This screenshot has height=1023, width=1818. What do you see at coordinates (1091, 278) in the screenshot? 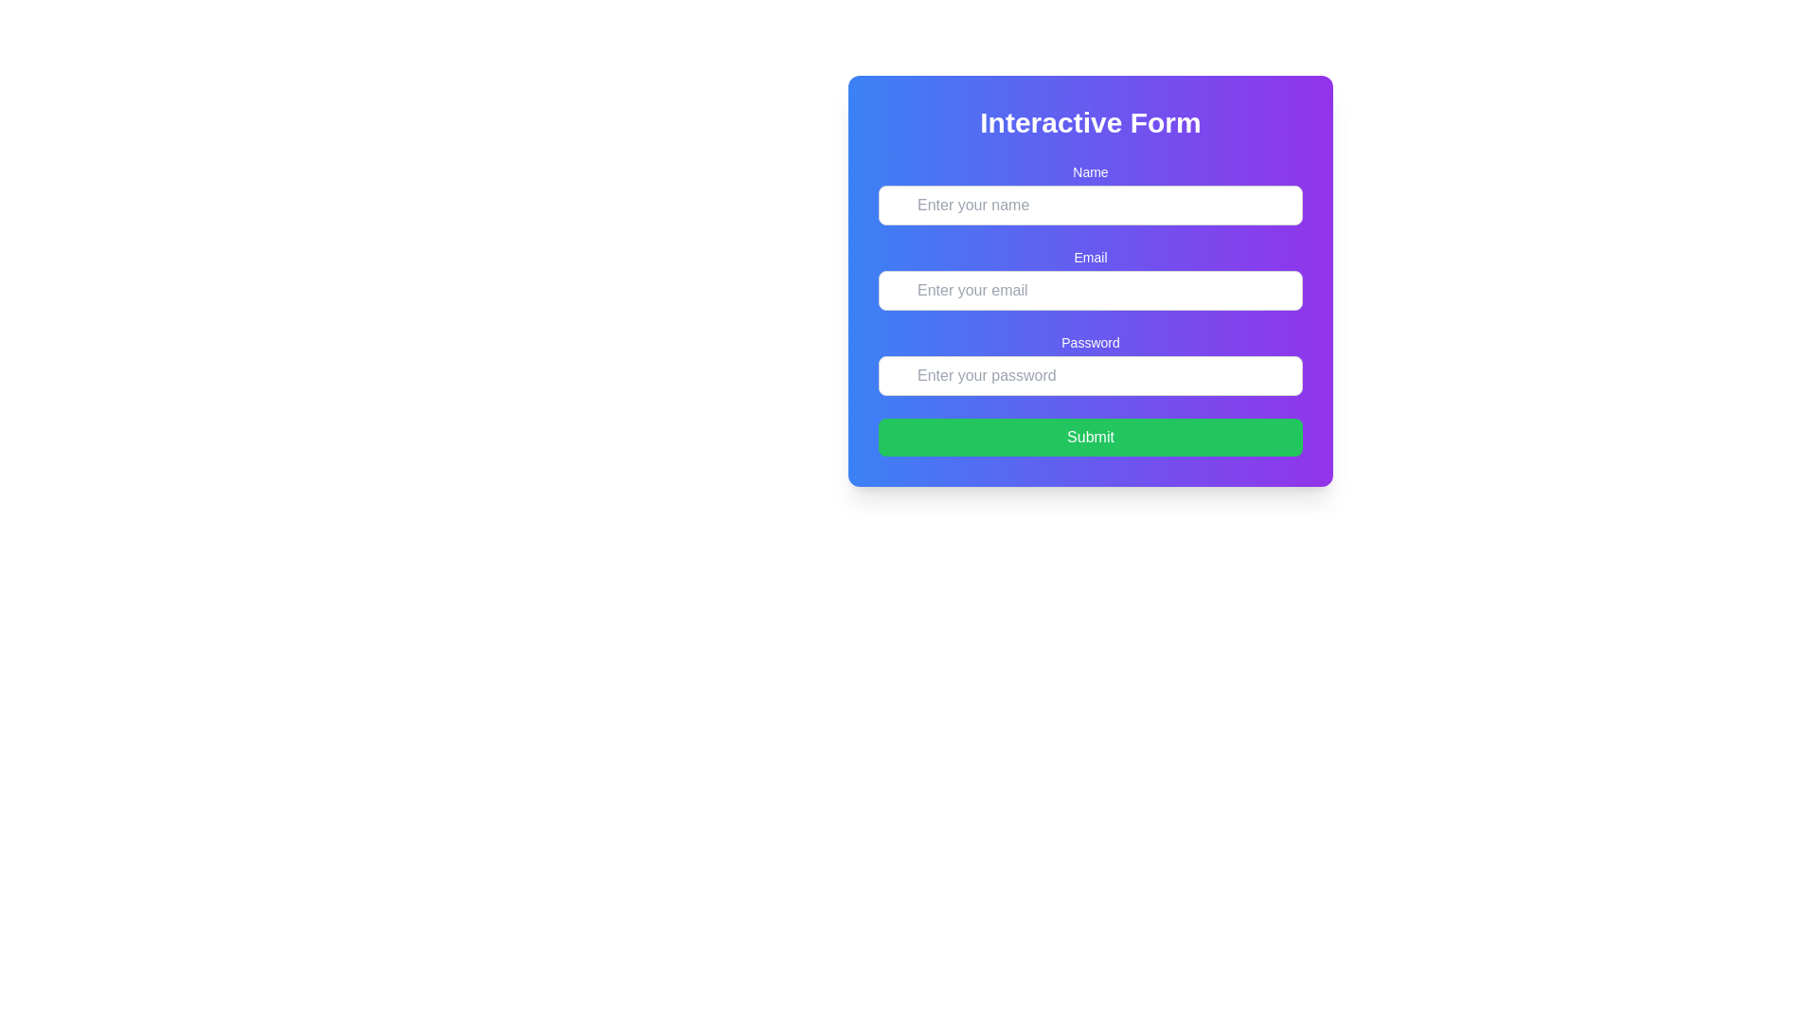
I see `the email input text field located below the Name field and above the Password field` at bounding box center [1091, 278].